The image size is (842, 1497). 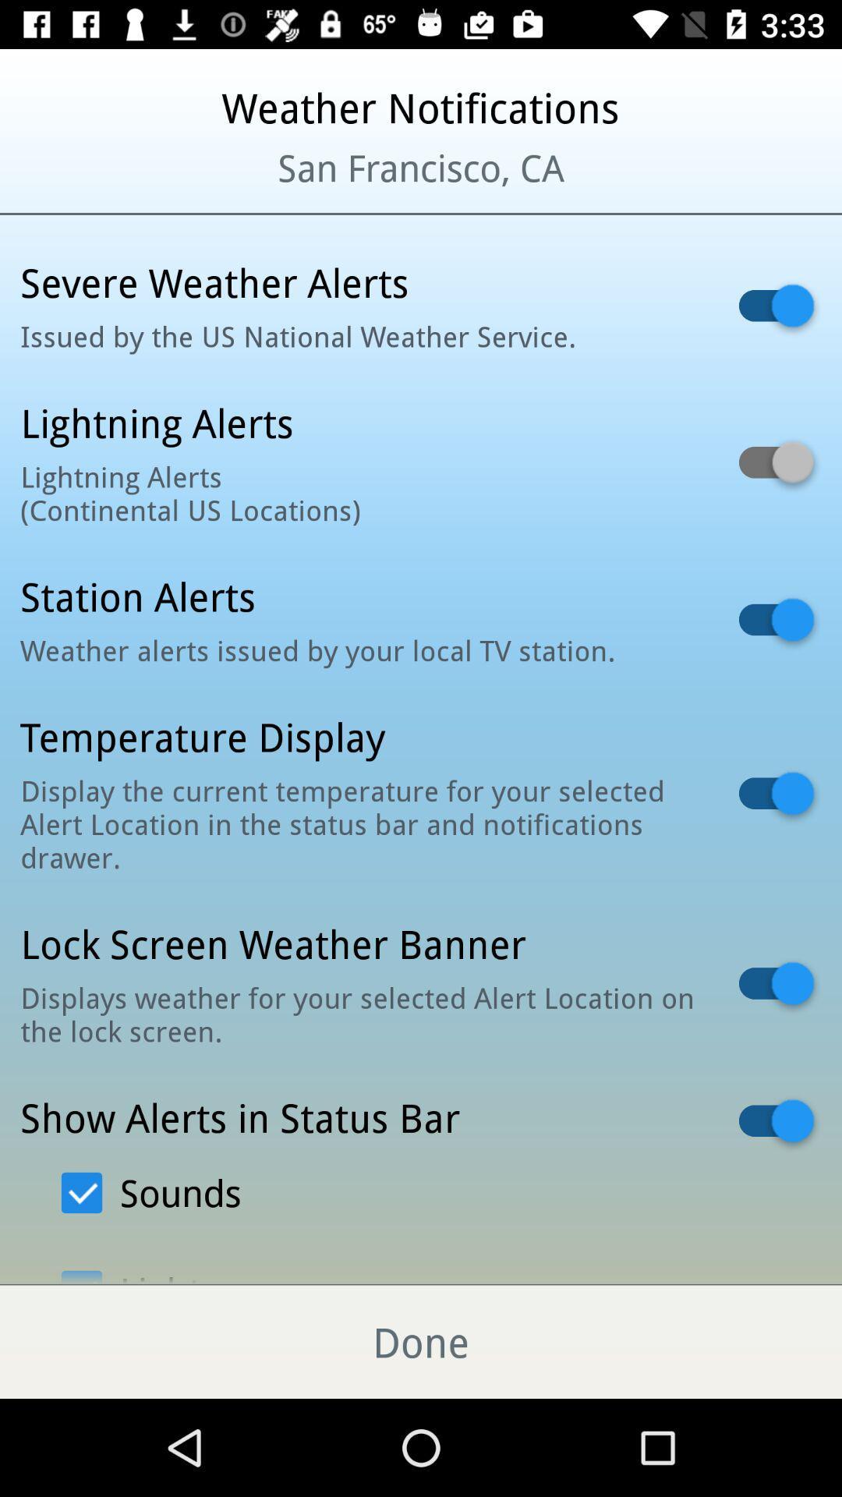 I want to click on the item below temperature display icon, so click(x=359, y=823).